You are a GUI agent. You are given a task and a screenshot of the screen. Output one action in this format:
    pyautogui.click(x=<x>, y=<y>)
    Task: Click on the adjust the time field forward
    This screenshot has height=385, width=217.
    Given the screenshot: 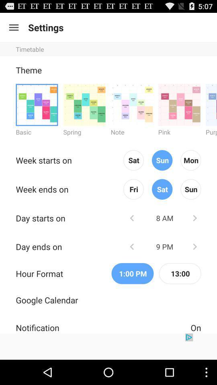 What is the action you would take?
    pyautogui.click(x=194, y=246)
    